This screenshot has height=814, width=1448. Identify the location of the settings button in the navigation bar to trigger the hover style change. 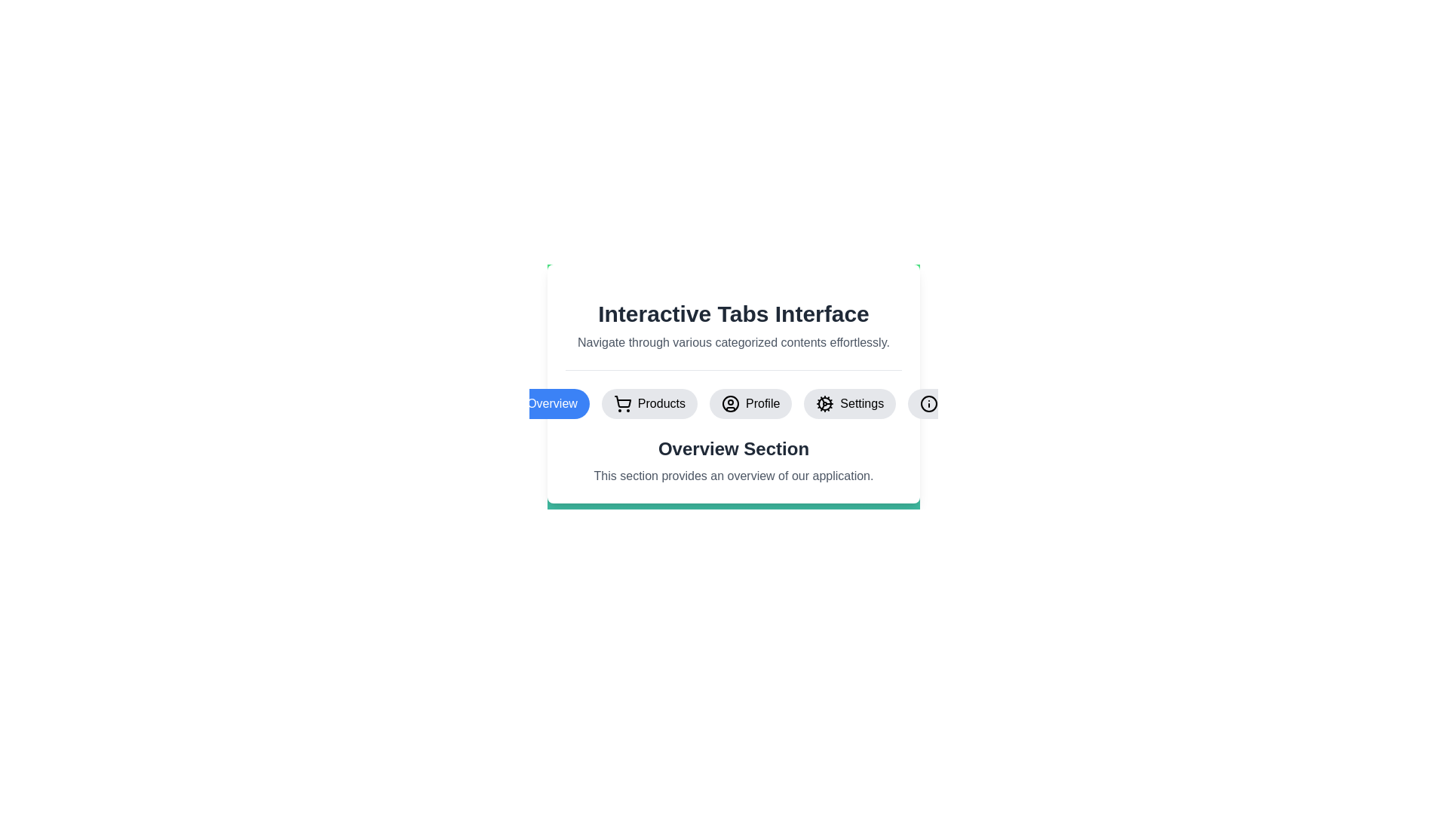
(850, 403).